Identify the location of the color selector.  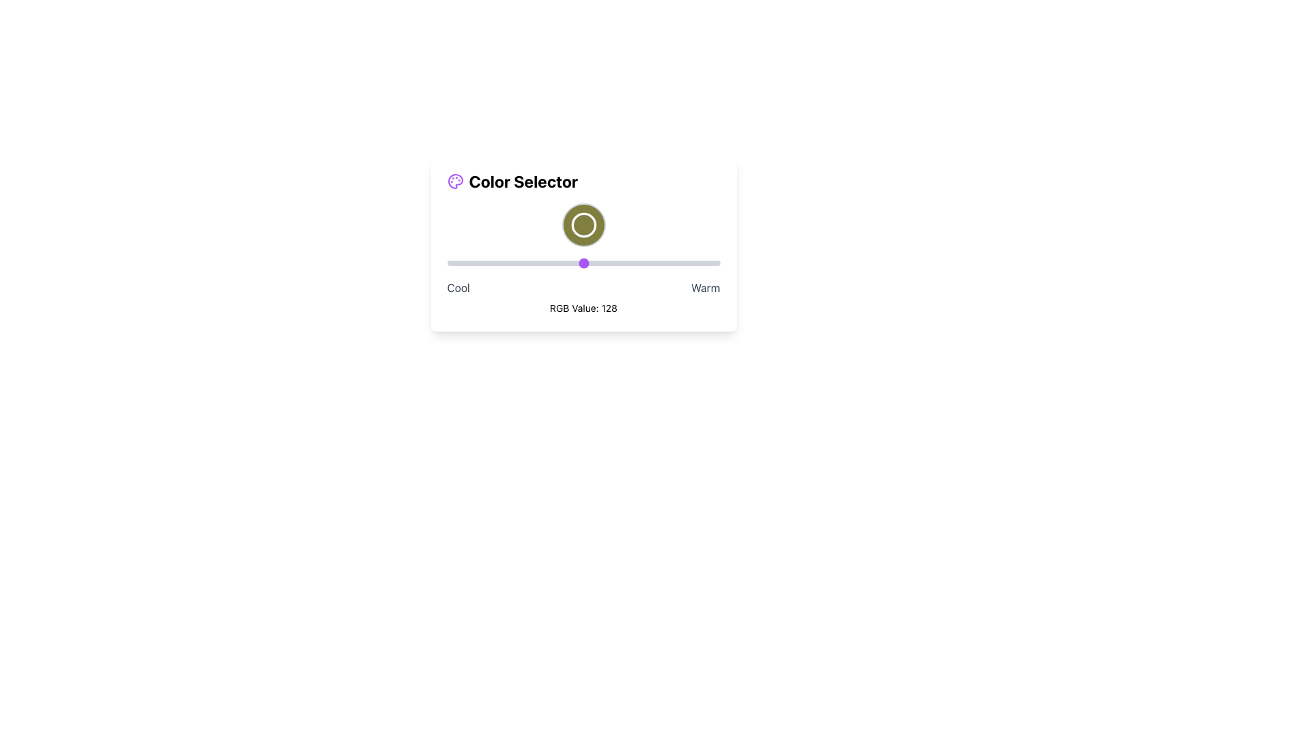
(452, 263).